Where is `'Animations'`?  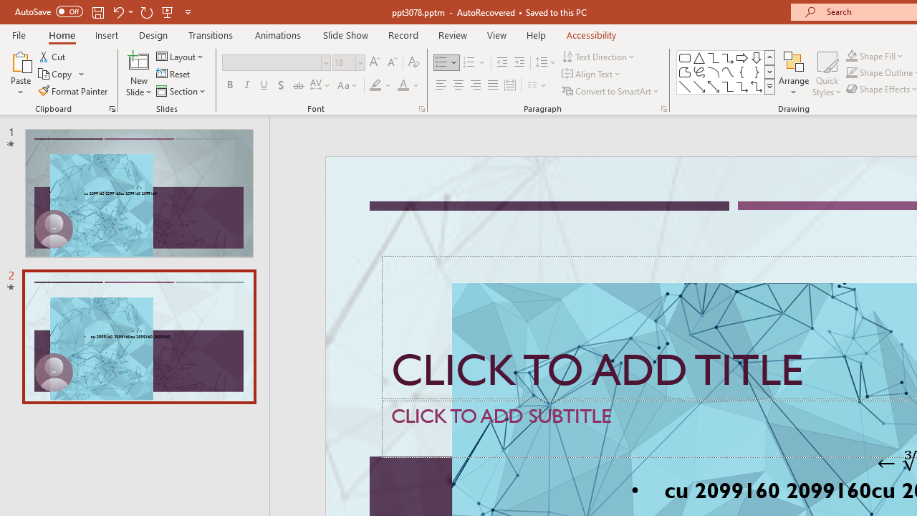
'Animations' is located at coordinates (278, 34).